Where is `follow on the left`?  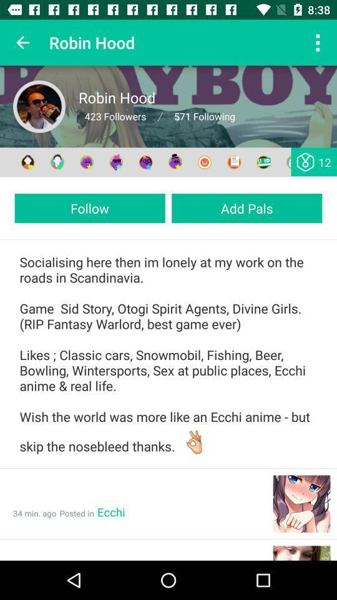
follow on the left is located at coordinates (89, 208).